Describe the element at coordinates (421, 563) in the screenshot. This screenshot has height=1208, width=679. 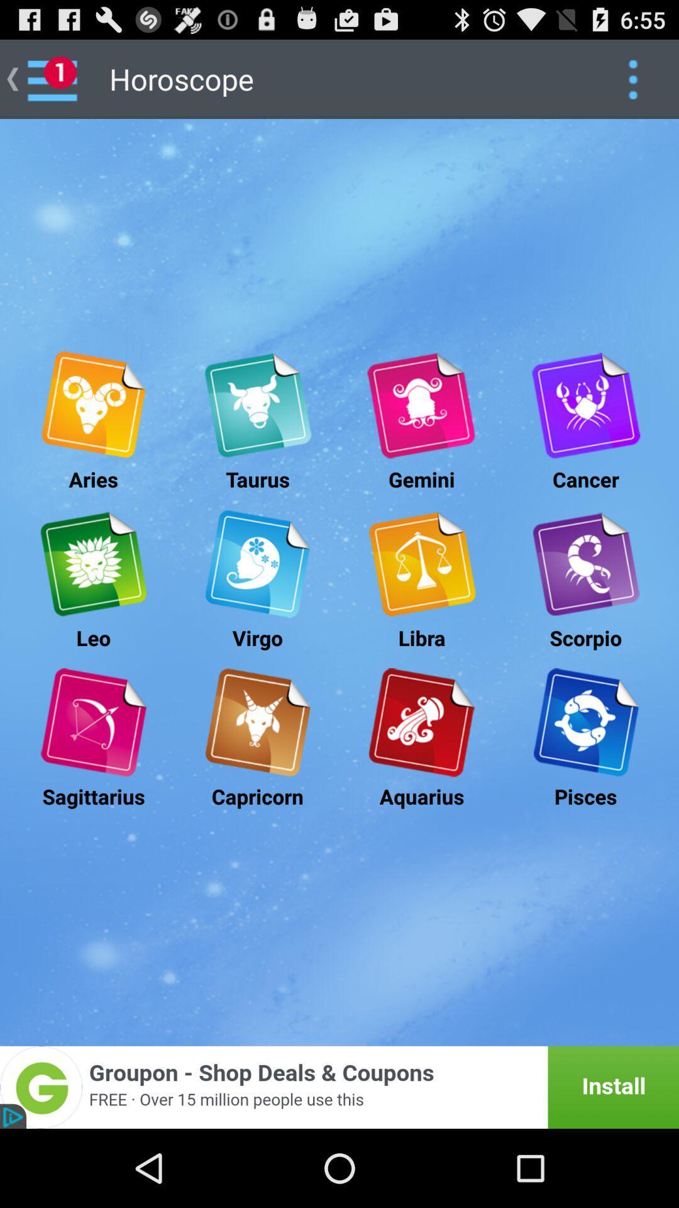
I see `zodaic` at that location.